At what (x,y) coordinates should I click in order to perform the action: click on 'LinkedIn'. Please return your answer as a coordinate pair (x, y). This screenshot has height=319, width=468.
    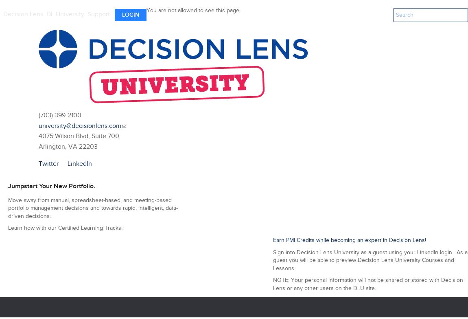
    Looking at the image, I should click on (79, 163).